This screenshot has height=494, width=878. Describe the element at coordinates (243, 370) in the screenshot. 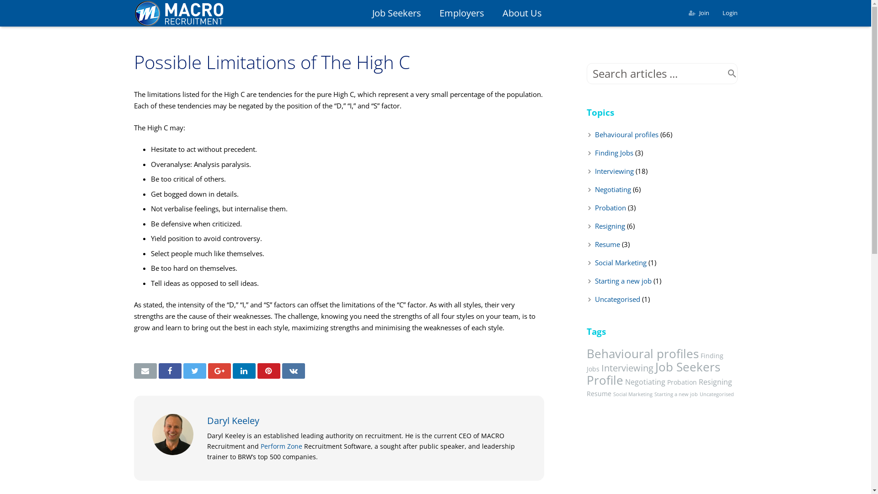

I see `'Share this'` at that location.